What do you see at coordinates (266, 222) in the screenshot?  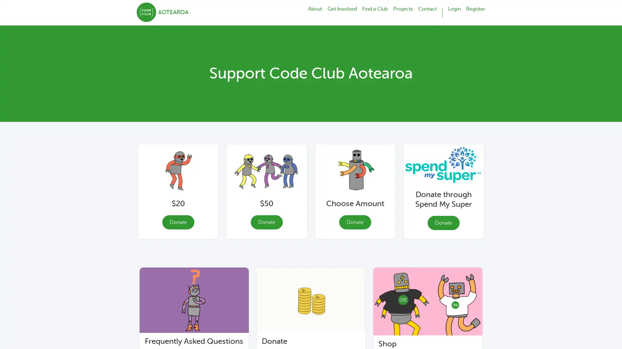 I see `Donate` at bounding box center [266, 222].